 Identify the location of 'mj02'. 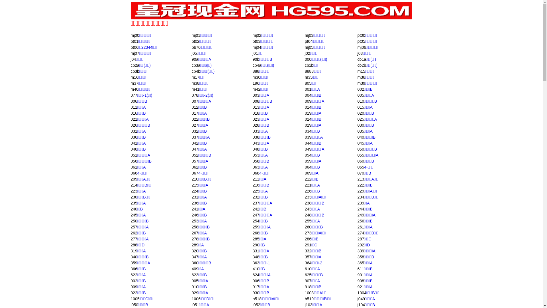
(257, 35).